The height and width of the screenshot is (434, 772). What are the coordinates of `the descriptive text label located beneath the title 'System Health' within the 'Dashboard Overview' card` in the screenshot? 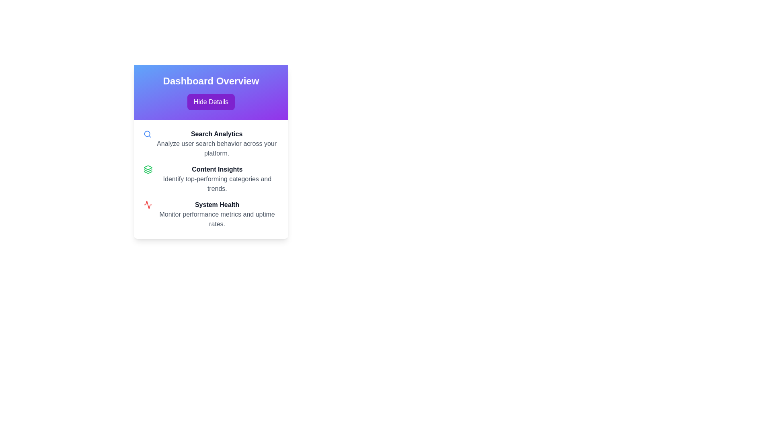 It's located at (217, 219).